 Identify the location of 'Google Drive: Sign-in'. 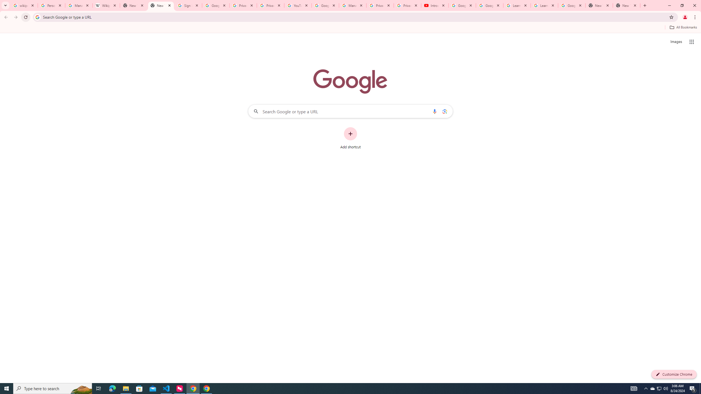
(216, 5).